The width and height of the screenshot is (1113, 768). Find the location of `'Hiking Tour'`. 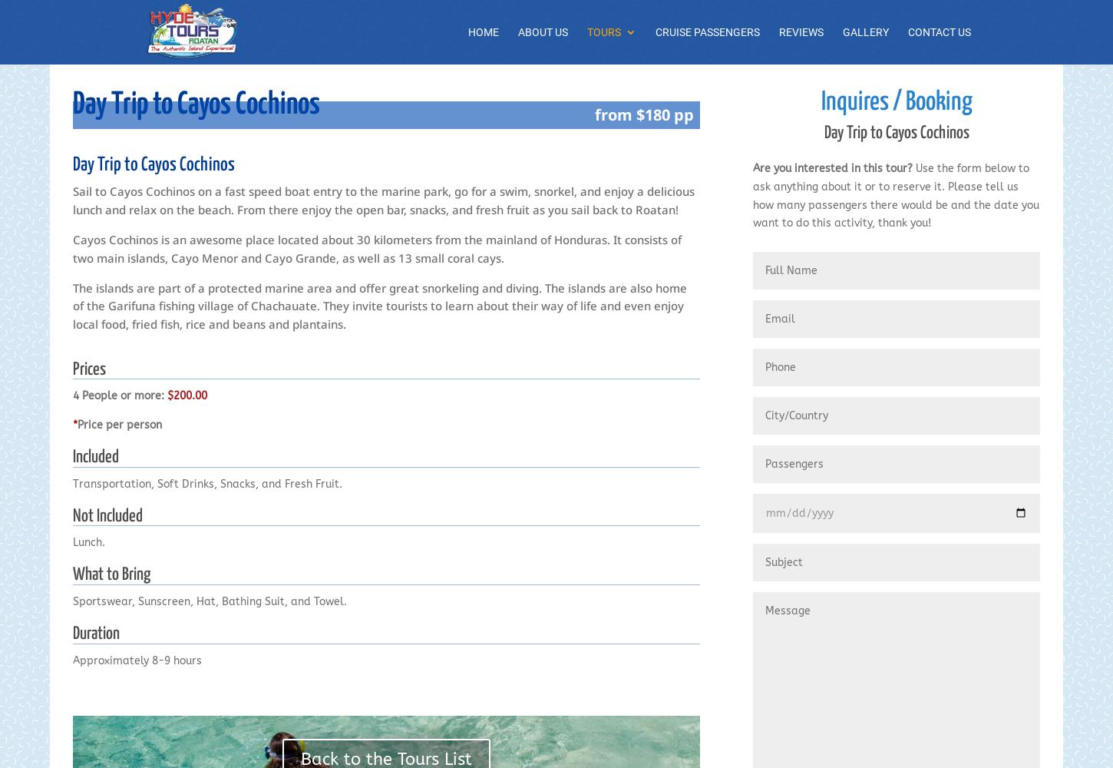

'Hiking Tour' is located at coordinates (649, 586).